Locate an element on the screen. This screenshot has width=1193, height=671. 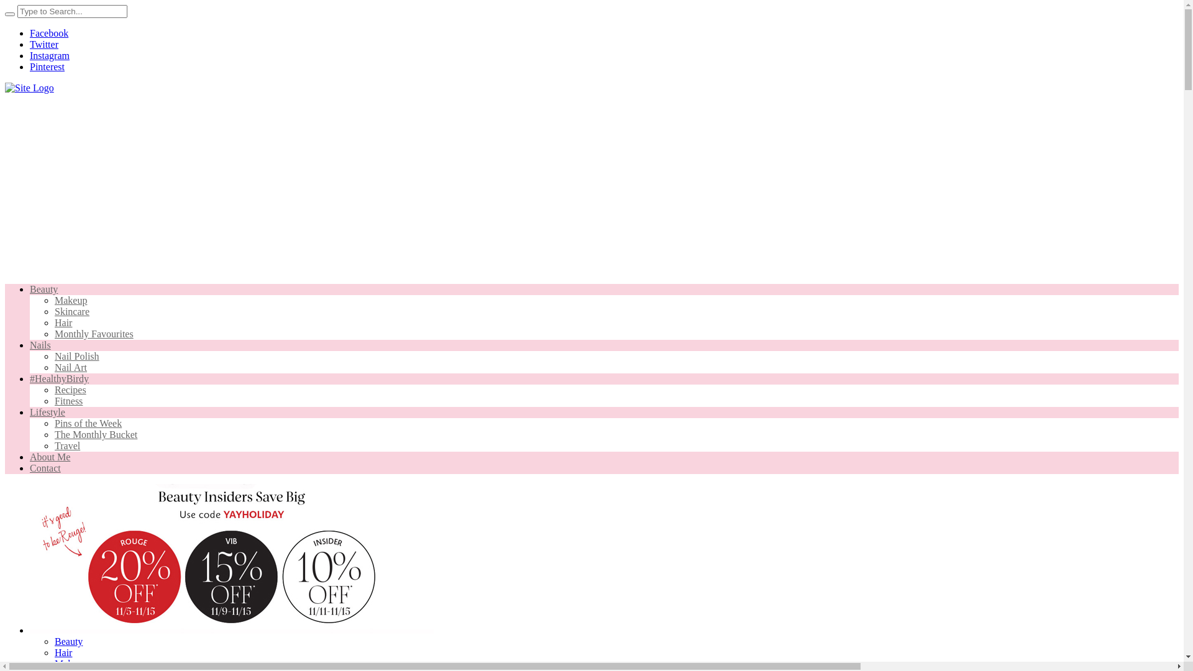
'Recipes' is located at coordinates (70, 389).